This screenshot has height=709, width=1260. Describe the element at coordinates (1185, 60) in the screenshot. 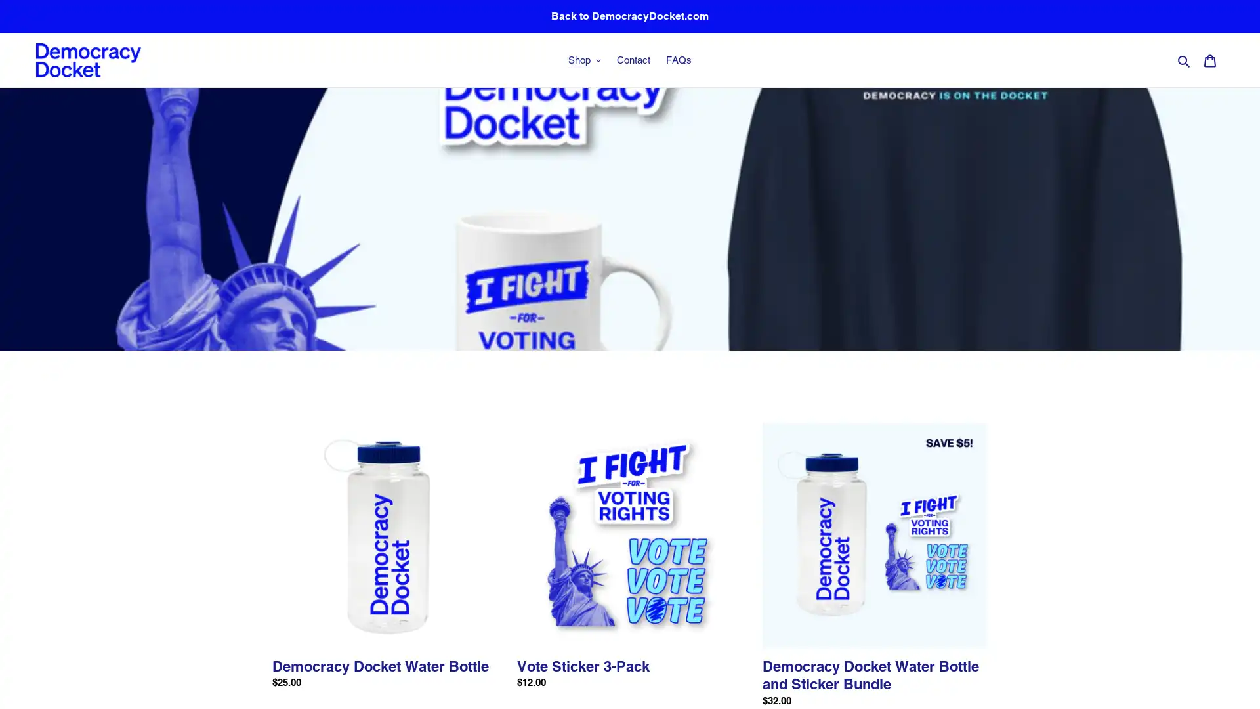

I see `Search` at that location.